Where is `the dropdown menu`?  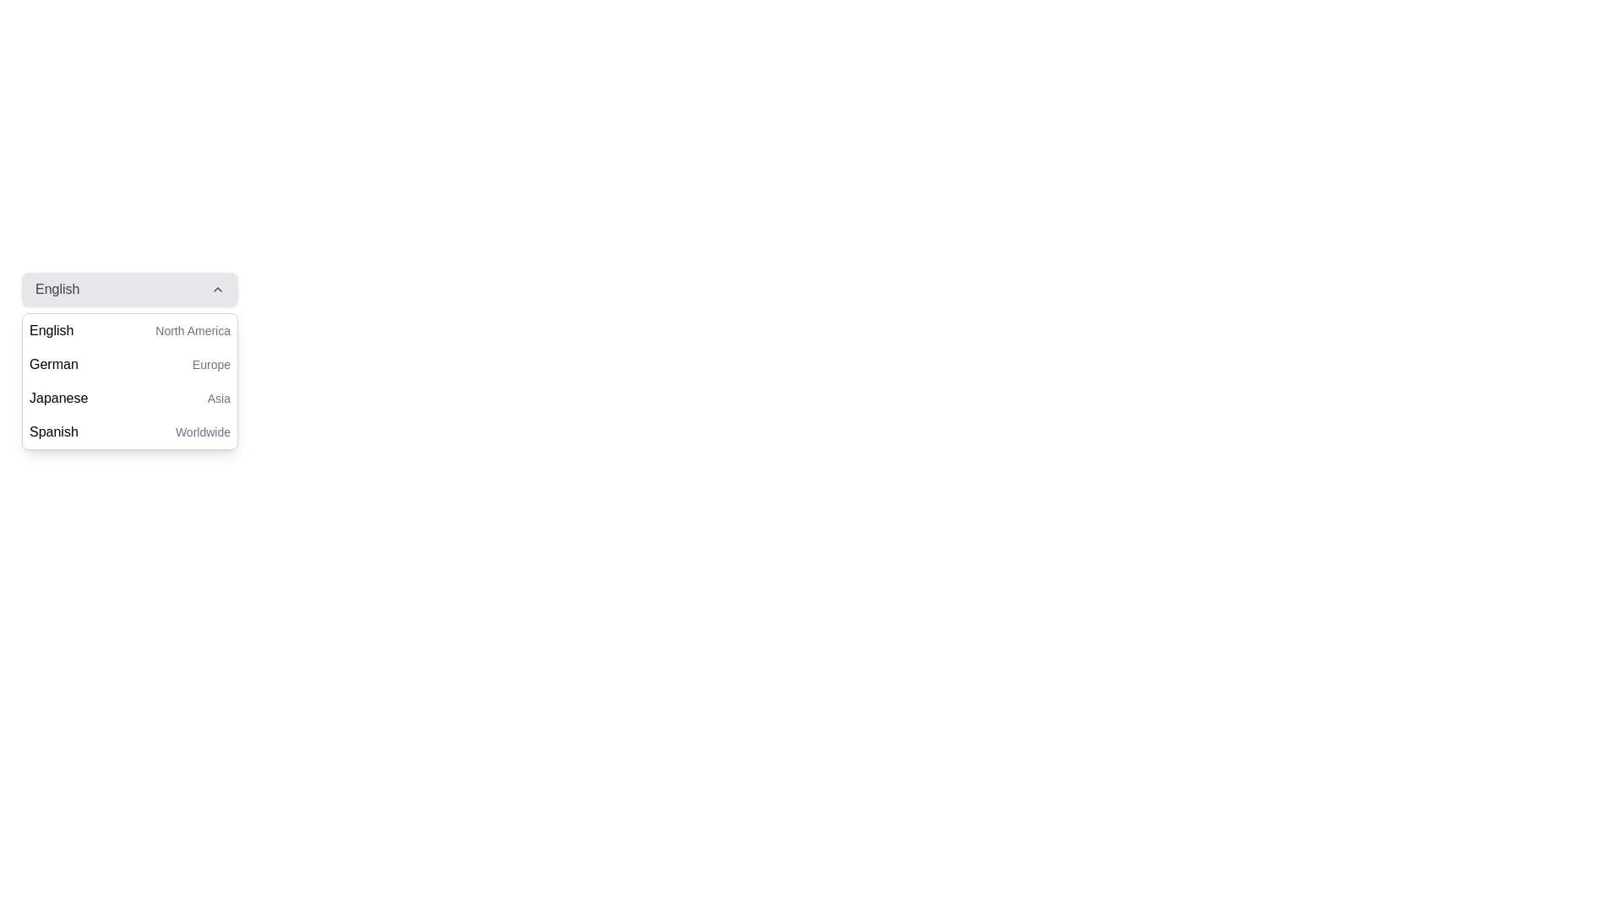
the dropdown menu is located at coordinates (128, 381).